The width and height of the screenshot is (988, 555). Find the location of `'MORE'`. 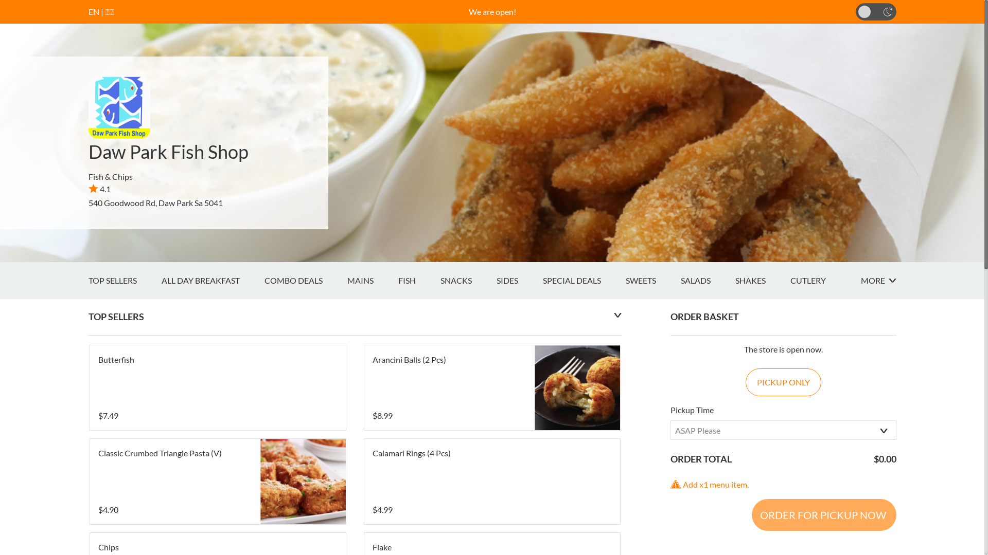

'MORE' is located at coordinates (877, 281).